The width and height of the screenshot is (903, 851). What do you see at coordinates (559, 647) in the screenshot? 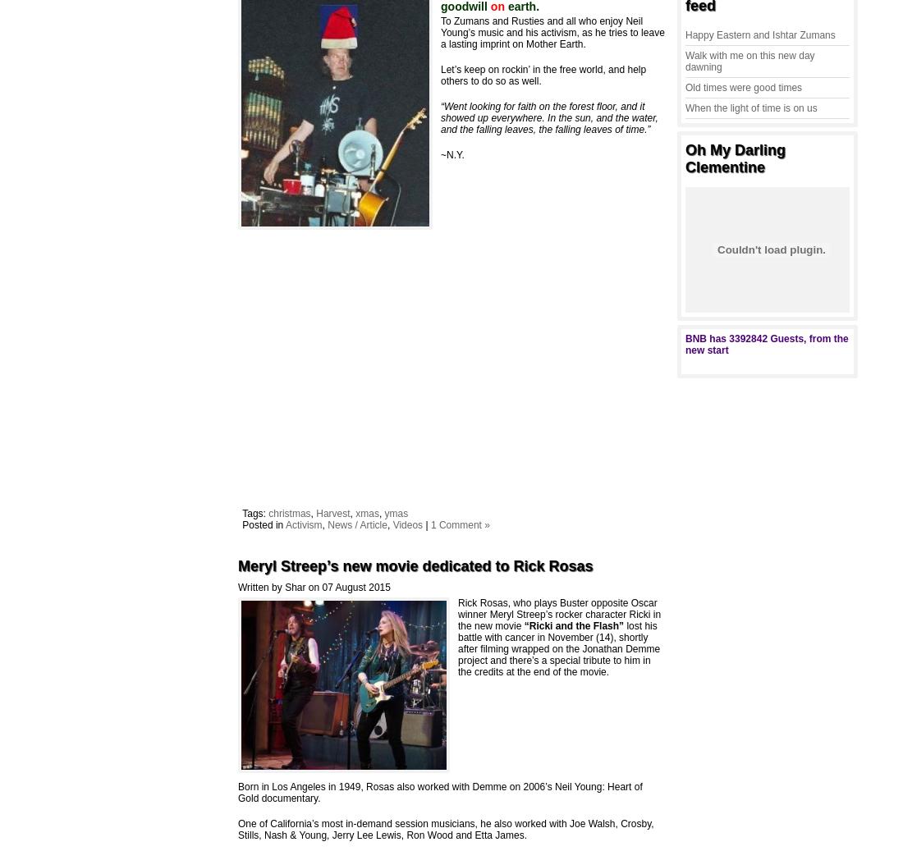
I see `'lost his battle with cancer in November (14), shortly after filming wrapped on the Jonathan Demme project and there’s a special tribute to him in the credits at the end of the movie.'` at bounding box center [559, 647].